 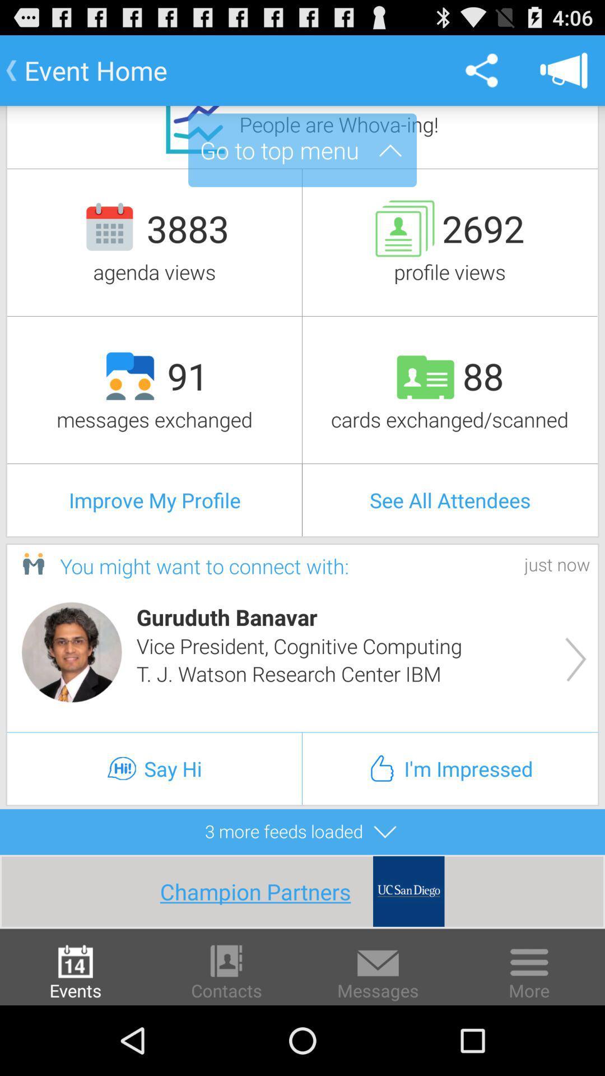 What do you see at coordinates (72, 652) in the screenshot?
I see `profile` at bounding box center [72, 652].